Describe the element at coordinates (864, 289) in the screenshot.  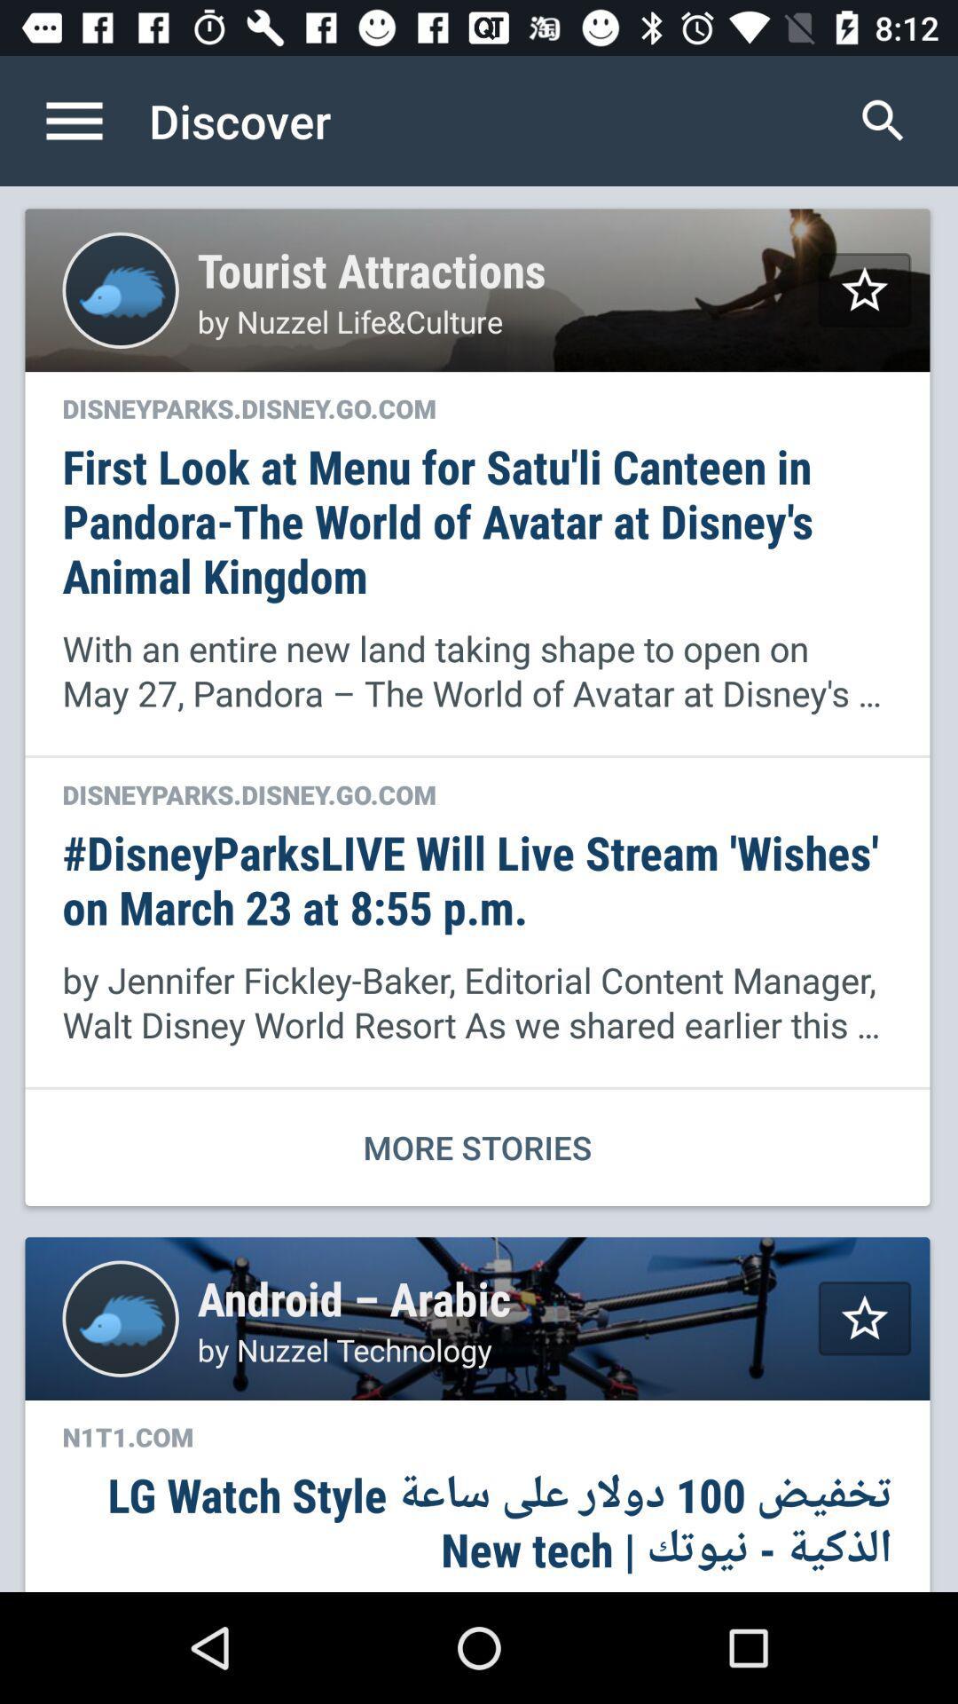
I see `mark as favorite` at that location.